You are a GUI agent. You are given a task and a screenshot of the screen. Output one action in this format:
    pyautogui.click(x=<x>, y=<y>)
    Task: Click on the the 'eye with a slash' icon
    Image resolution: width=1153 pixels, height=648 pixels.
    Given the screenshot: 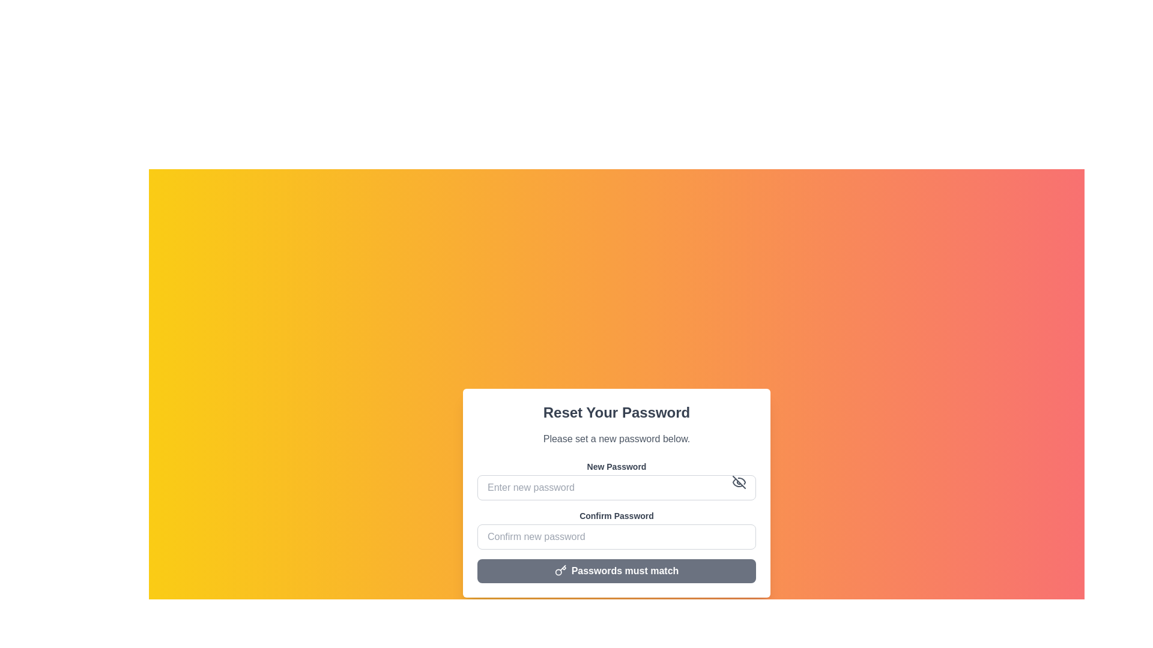 What is the action you would take?
    pyautogui.click(x=738, y=481)
    